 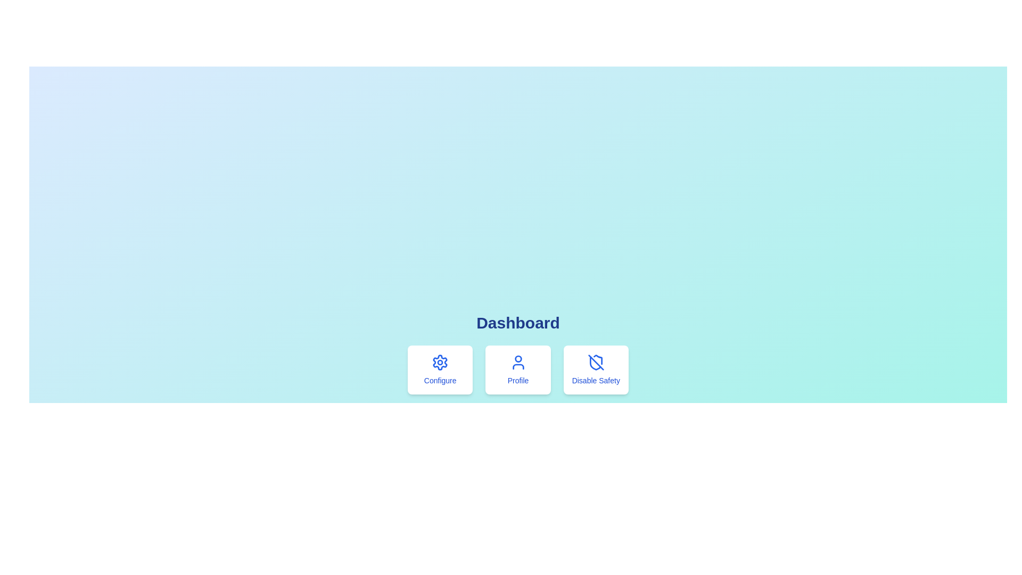 What do you see at coordinates (518, 354) in the screenshot?
I see `the profile configuration button located under the 'Dashboard' title` at bounding box center [518, 354].